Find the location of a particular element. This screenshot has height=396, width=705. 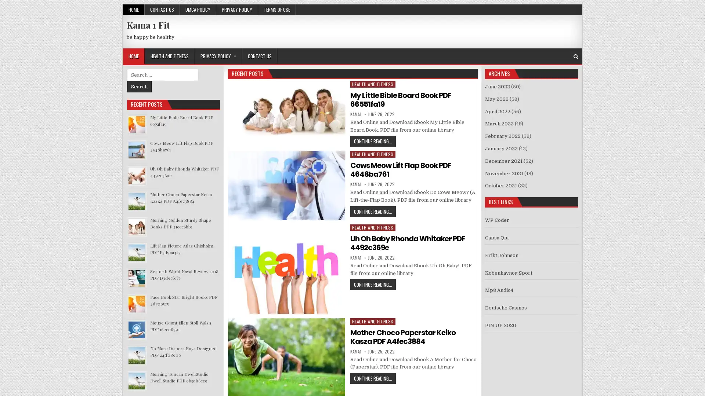

Search is located at coordinates (139, 86).